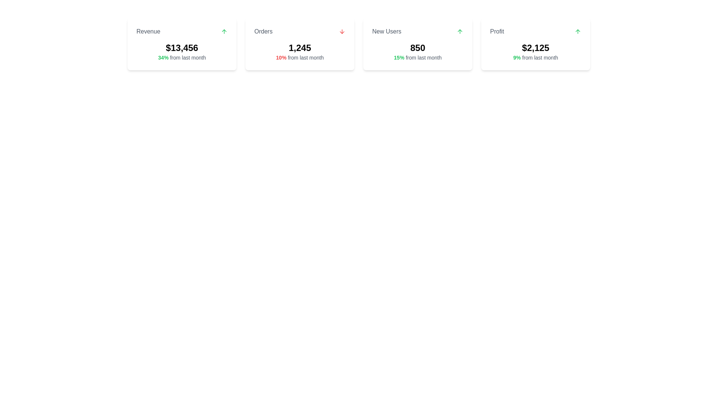 This screenshot has width=714, height=402. What do you see at coordinates (281, 57) in the screenshot?
I see `the text element displaying '10%' in bold red font` at bounding box center [281, 57].